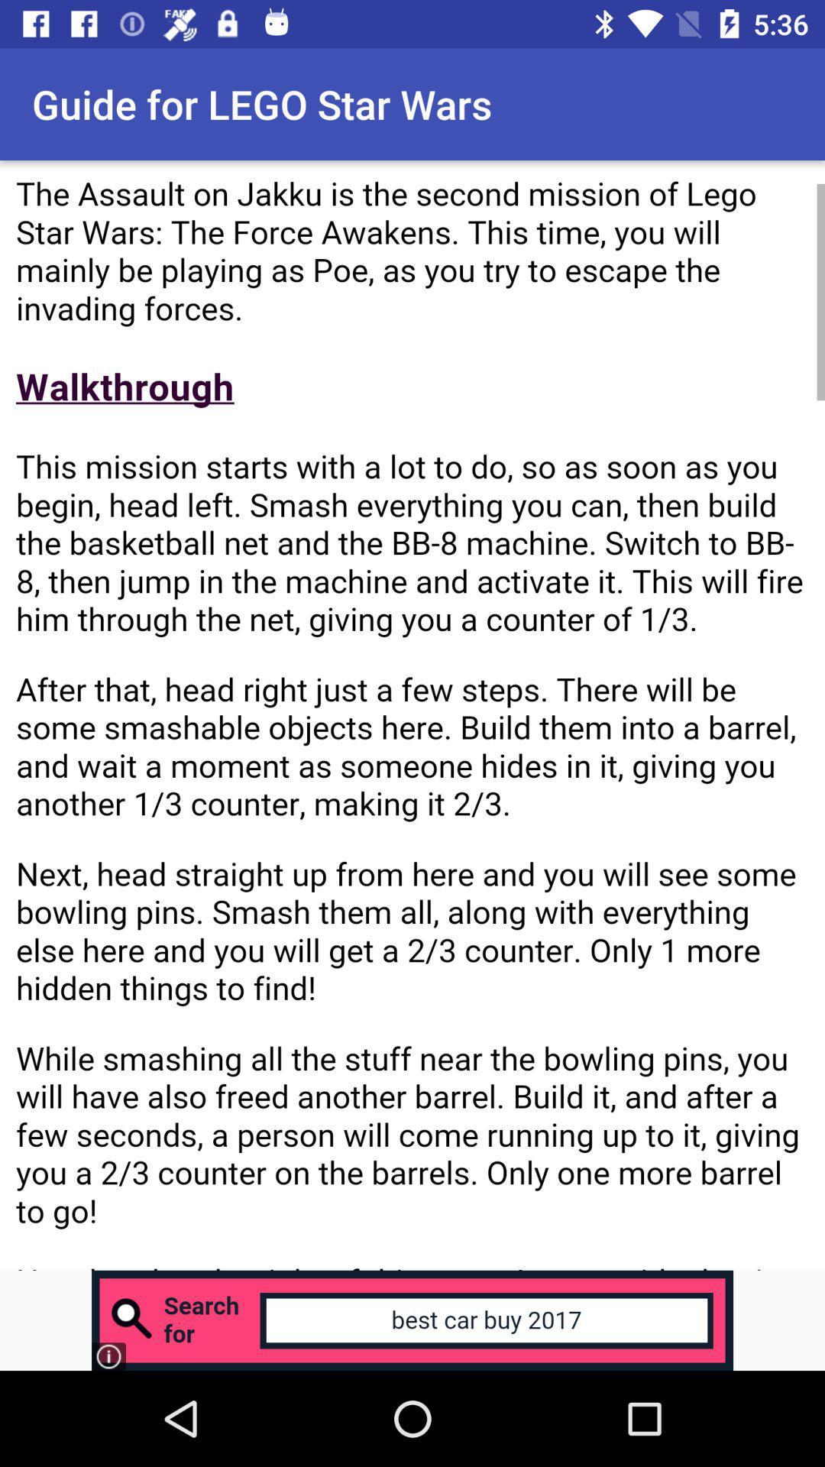 The height and width of the screenshot is (1467, 825). Describe the element at coordinates (412, 1320) in the screenshot. I see `advertisement` at that location.